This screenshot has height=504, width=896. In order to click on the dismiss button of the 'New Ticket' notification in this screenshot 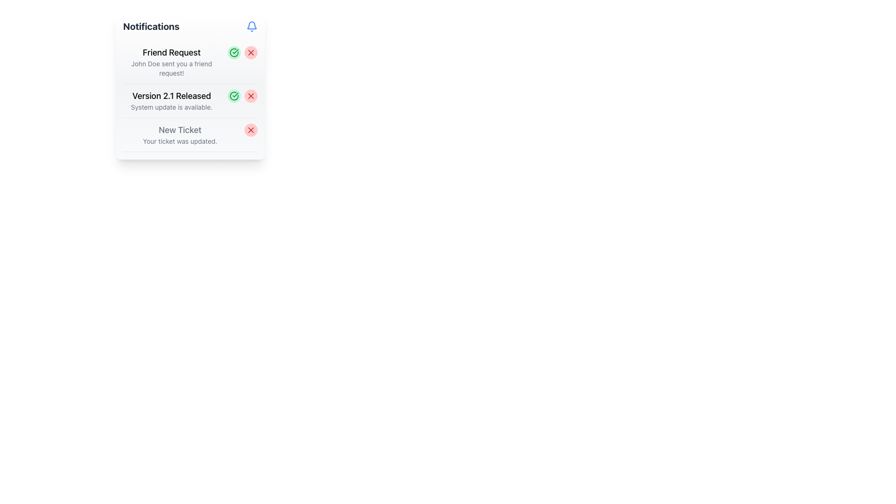, I will do `click(251, 130)`.